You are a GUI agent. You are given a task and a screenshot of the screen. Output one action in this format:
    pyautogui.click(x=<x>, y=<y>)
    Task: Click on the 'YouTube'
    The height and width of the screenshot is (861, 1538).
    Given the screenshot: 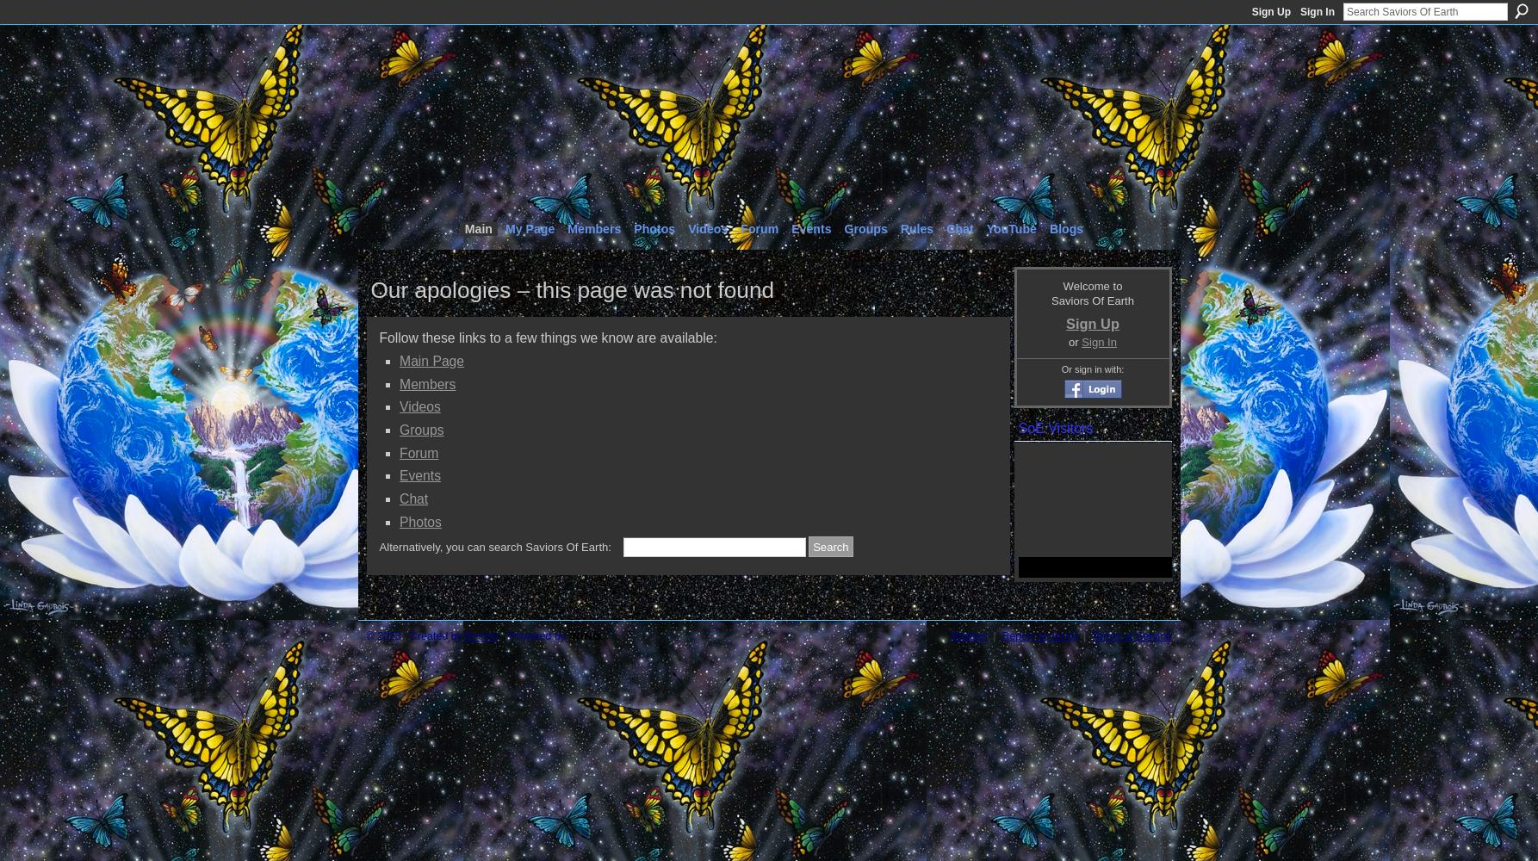 What is the action you would take?
    pyautogui.click(x=1009, y=228)
    